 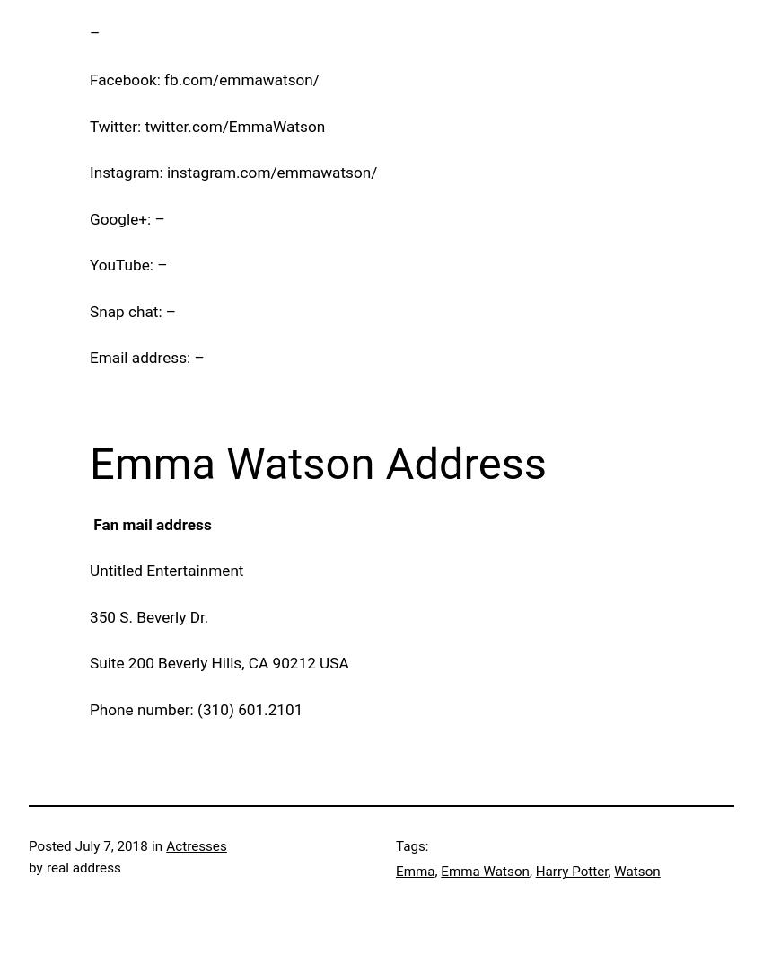 I want to click on 'Emma Watson Address', so click(x=317, y=464).